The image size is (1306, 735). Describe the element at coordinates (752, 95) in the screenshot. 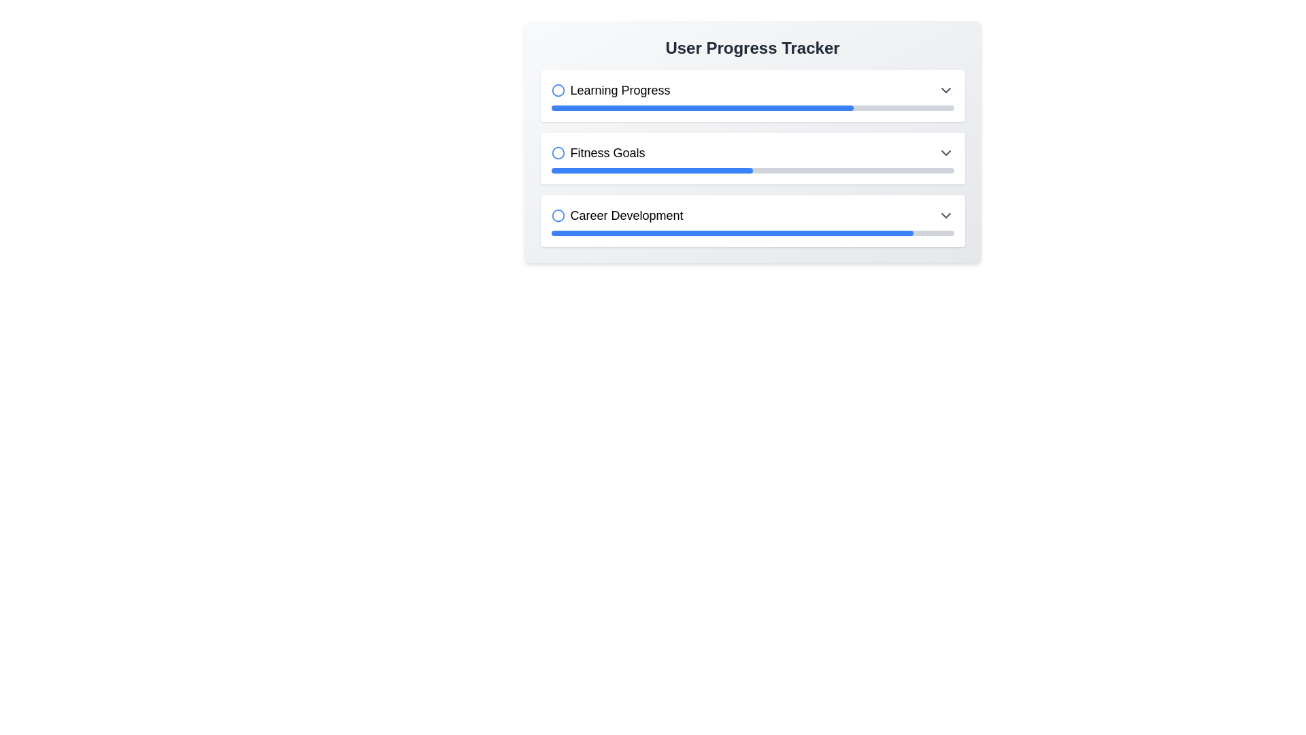

I see `the progress tracker card at the top of the list` at that location.